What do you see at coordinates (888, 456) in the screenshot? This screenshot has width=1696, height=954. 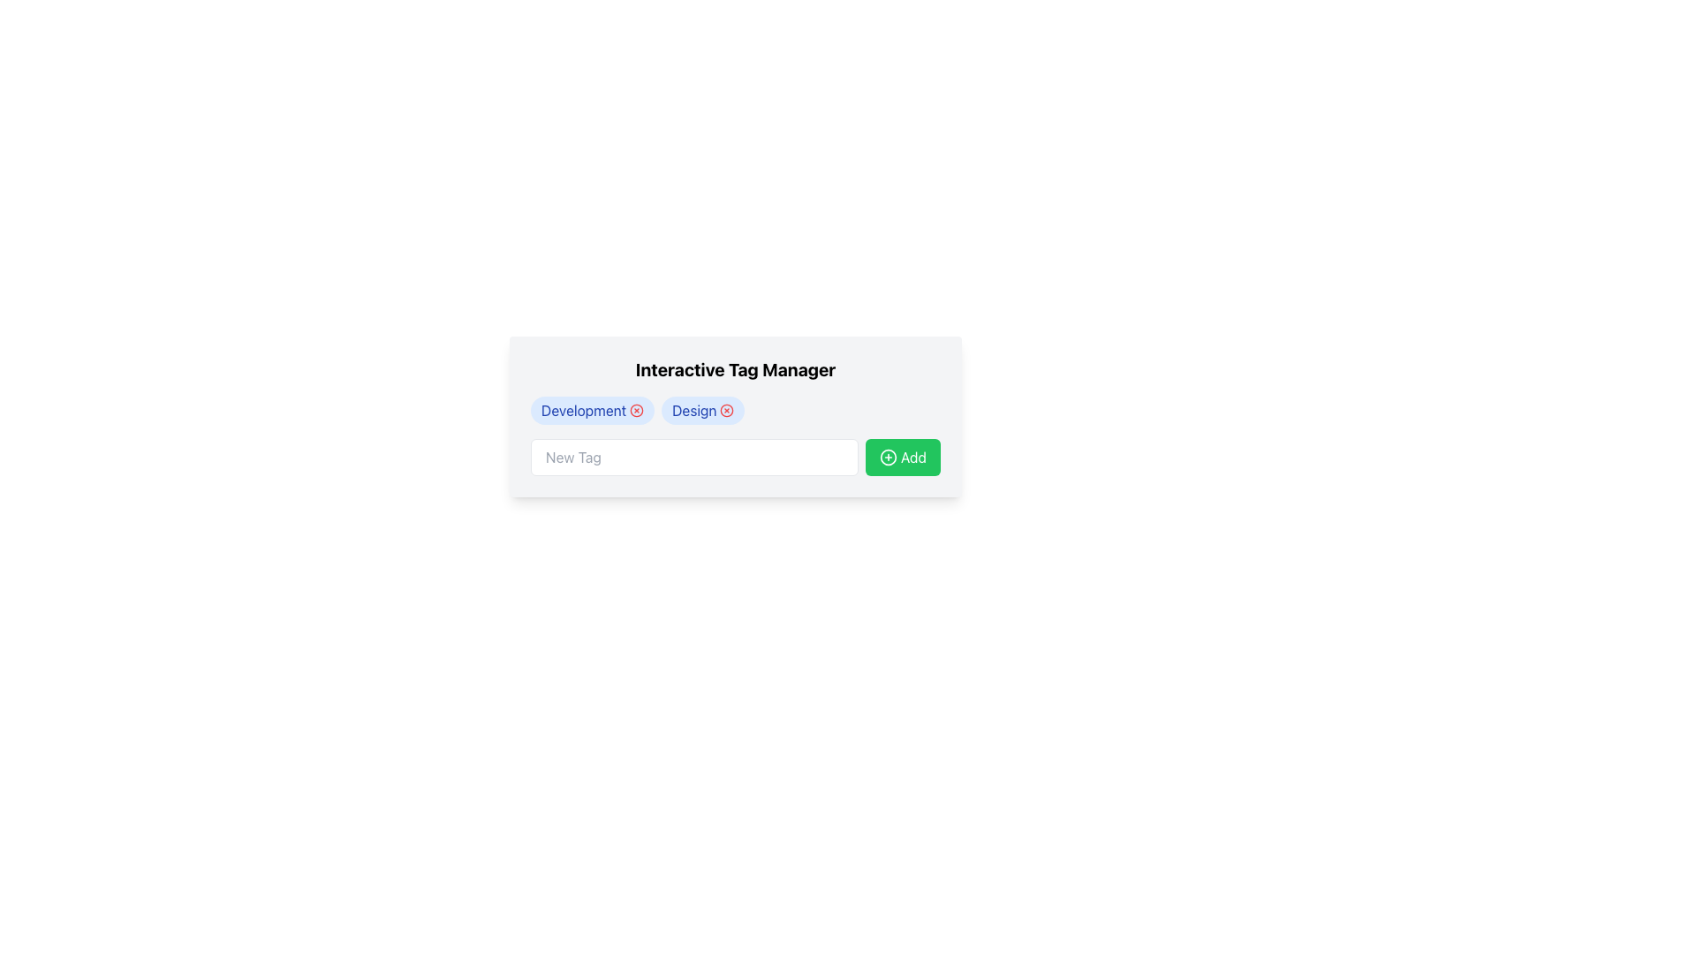 I see `the round plus icon within the green 'Add' button` at bounding box center [888, 456].